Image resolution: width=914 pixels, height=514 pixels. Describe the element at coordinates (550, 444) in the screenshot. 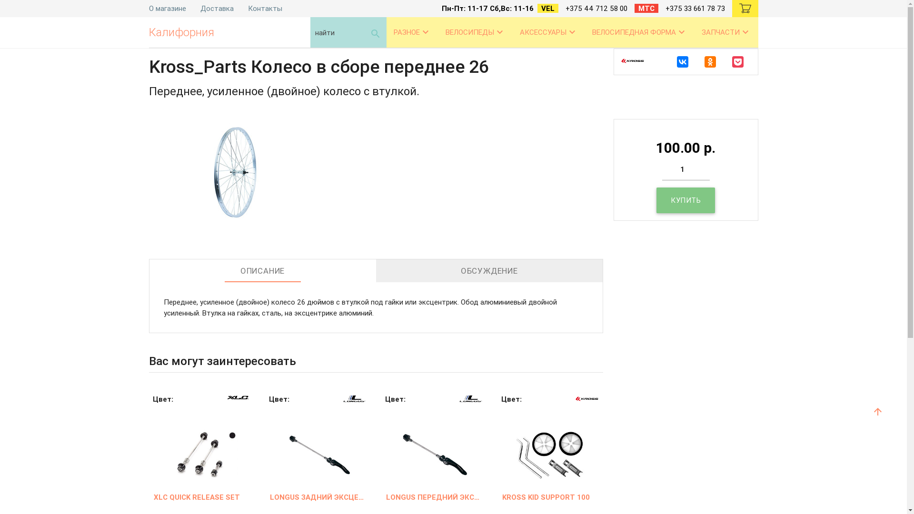

I see `'Kid Support 100'` at that location.